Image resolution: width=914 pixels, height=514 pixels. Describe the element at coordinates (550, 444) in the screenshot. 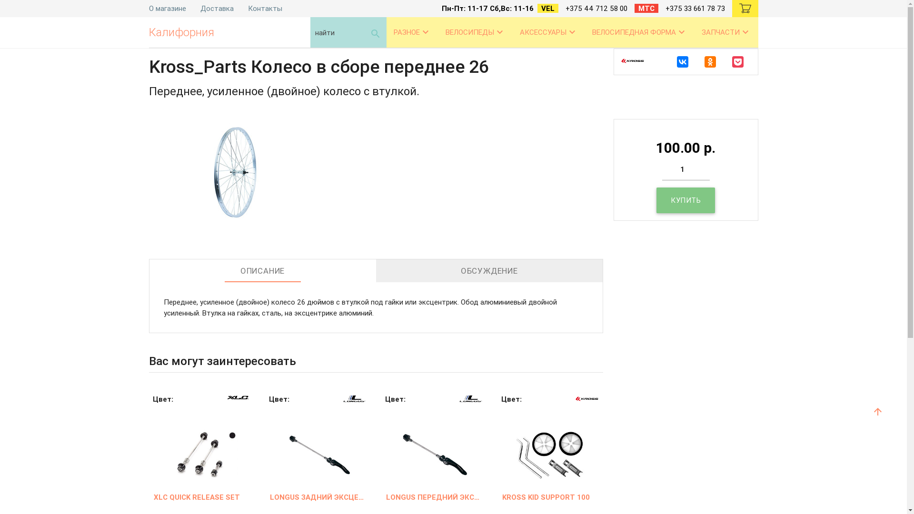

I see `'Kid Support 100'` at that location.